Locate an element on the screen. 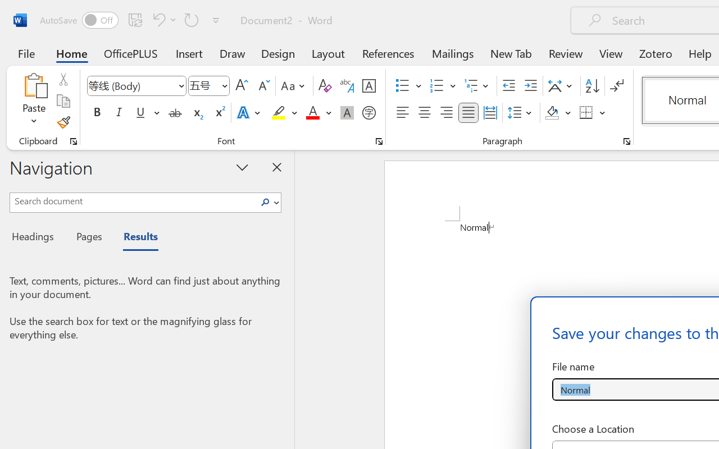 The height and width of the screenshot is (449, 719). 'Increase Indent' is located at coordinates (530, 86).